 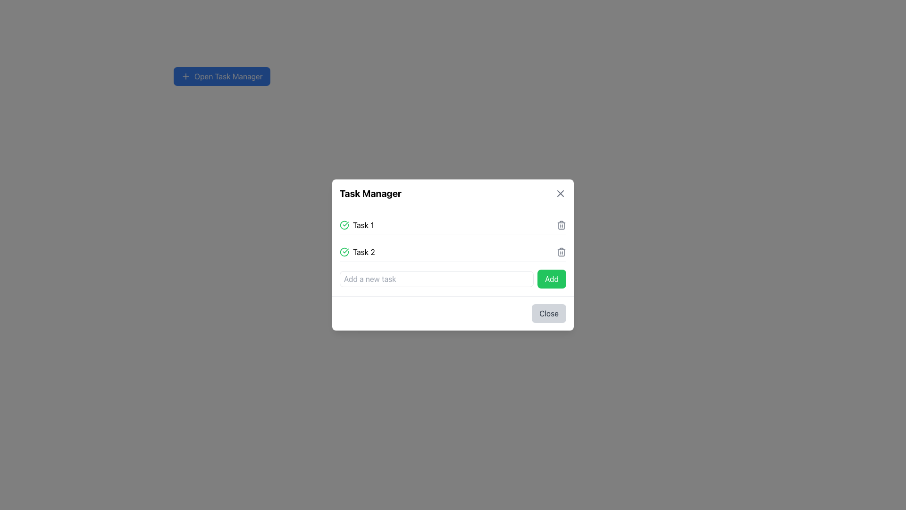 What do you see at coordinates (453, 251) in the screenshot?
I see `the task description for the task labeled 'Task 2' in the task management list` at bounding box center [453, 251].